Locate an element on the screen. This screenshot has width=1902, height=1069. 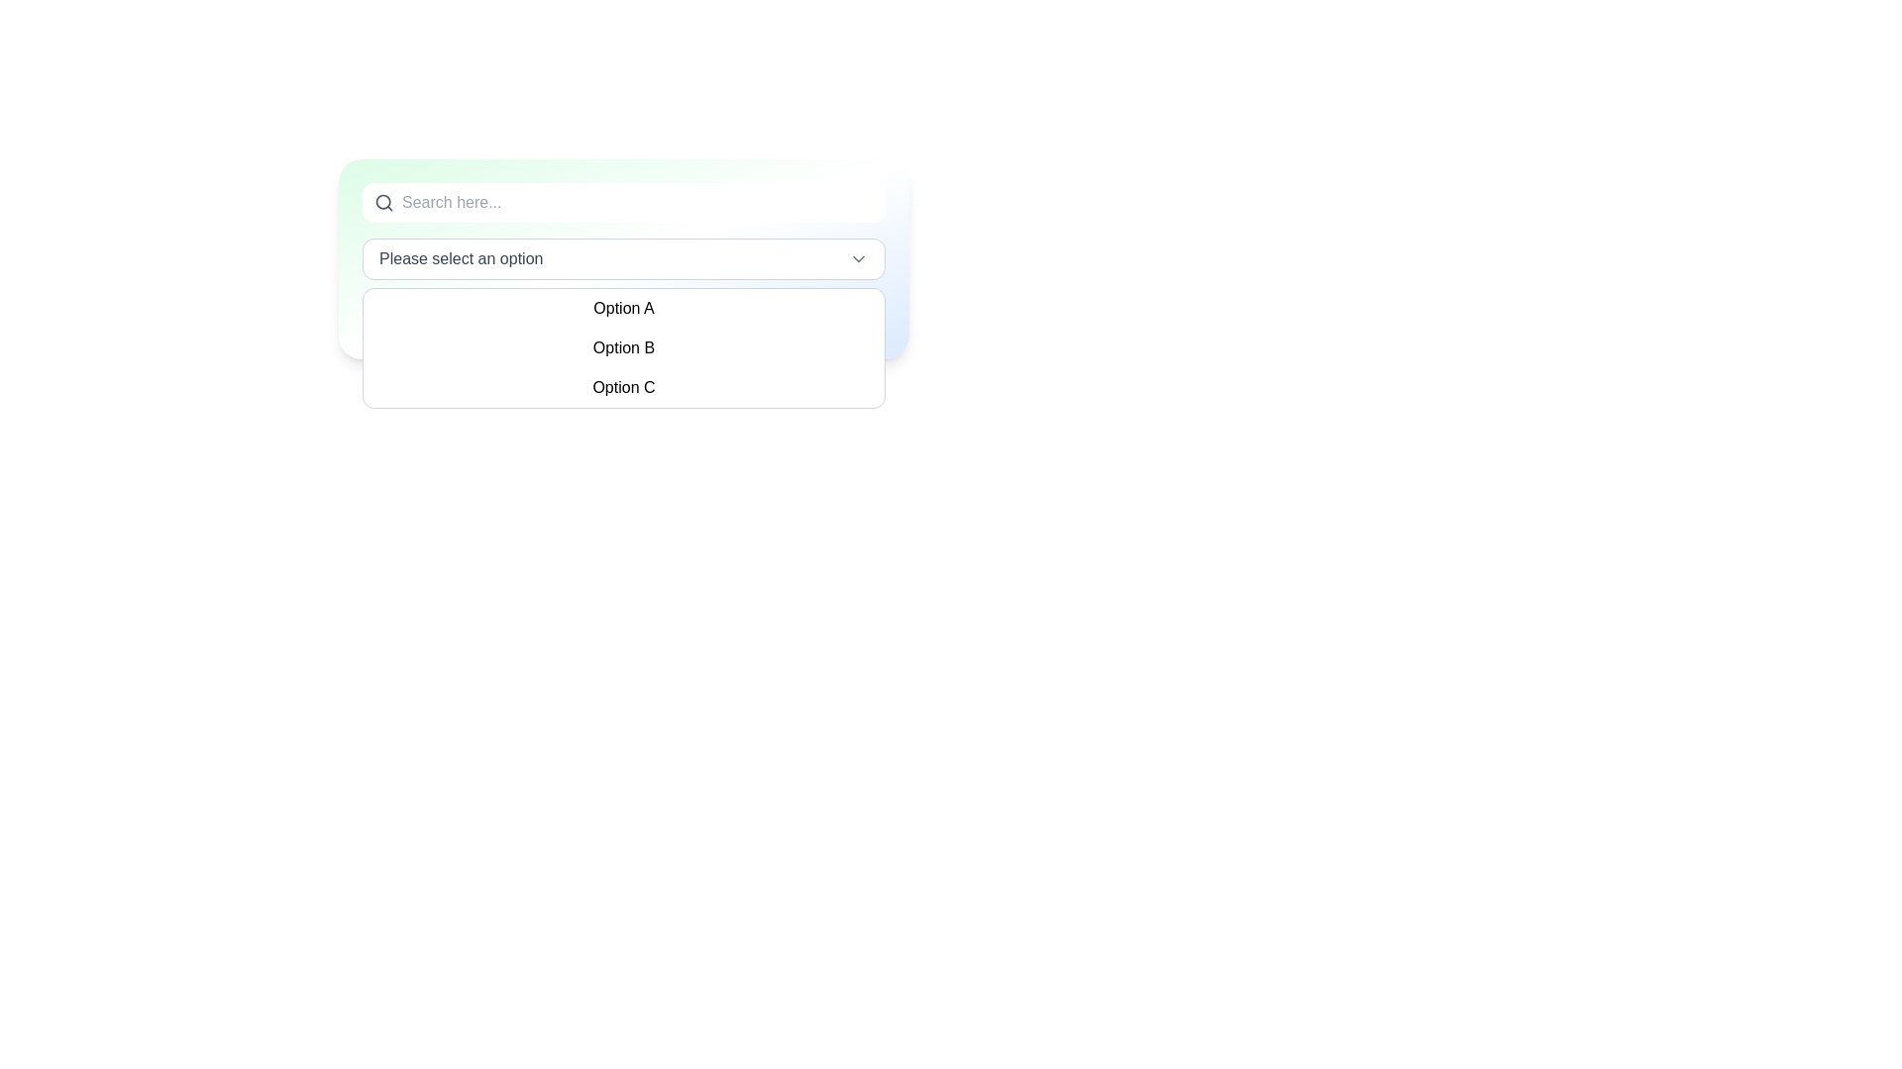
the dropdown menu option labeled 'Option A' is located at coordinates (622, 309).